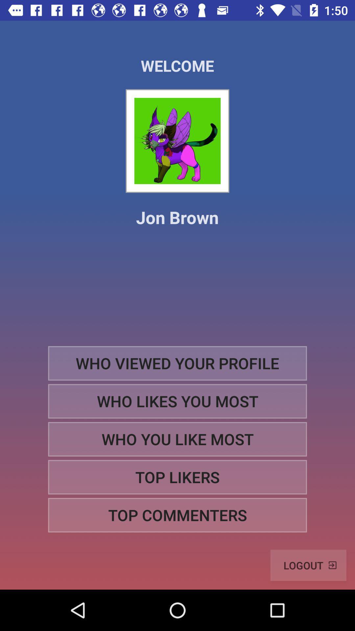  I want to click on the icon below the jon brown, so click(177, 363).